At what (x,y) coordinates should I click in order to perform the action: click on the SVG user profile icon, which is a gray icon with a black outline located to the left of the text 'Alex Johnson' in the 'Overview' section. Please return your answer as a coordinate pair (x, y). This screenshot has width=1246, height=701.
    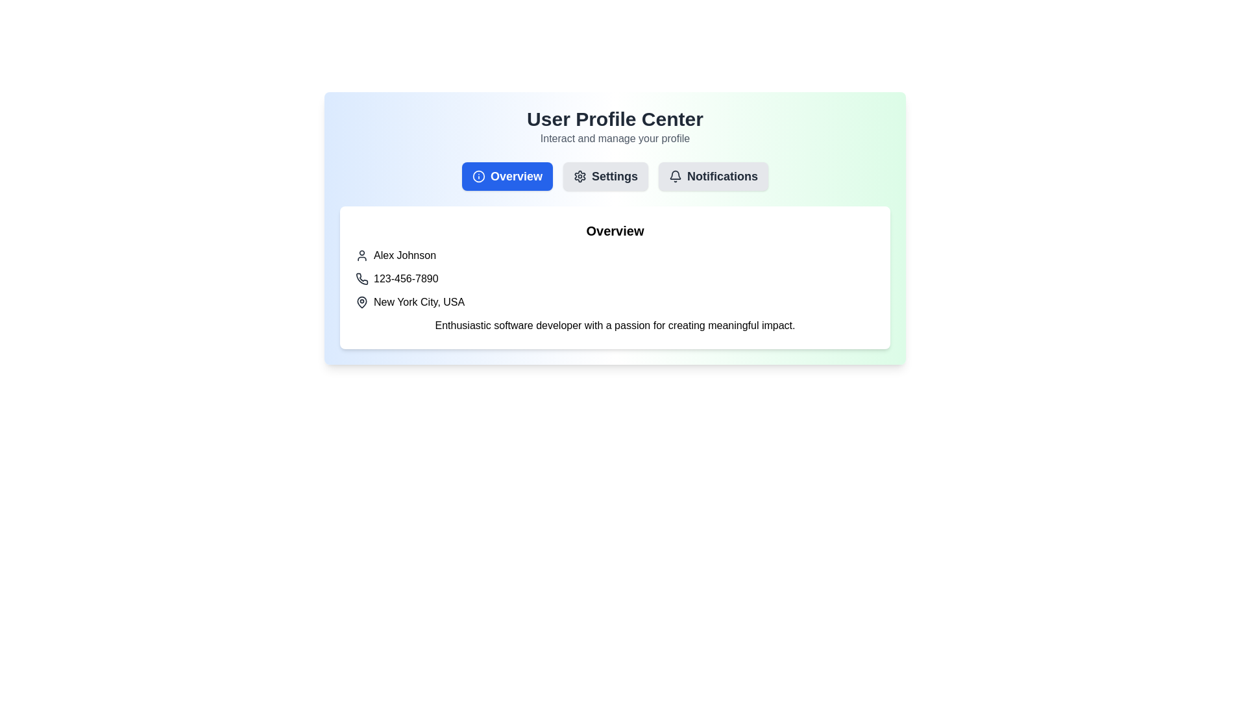
    Looking at the image, I should click on (361, 255).